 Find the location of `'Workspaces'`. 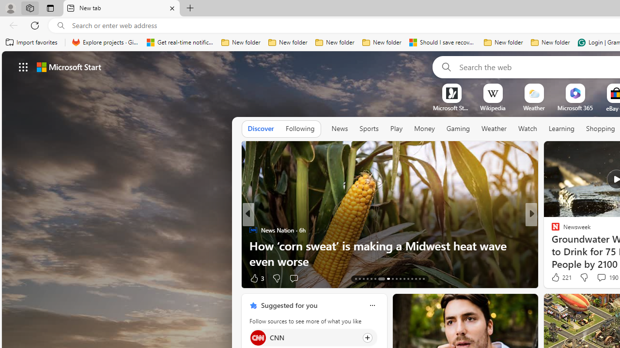

'Workspaces' is located at coordinates (30, 8).